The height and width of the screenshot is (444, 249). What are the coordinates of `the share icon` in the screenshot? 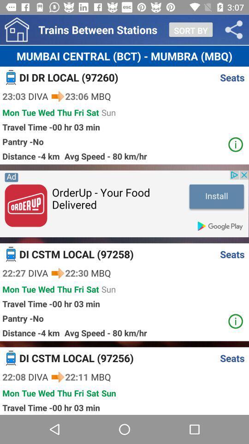 It's located at (234, 30).